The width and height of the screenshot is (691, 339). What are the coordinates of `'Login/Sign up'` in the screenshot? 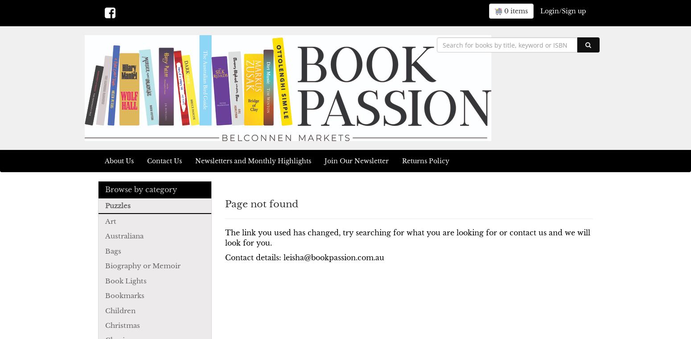 It's located at (563, 10).